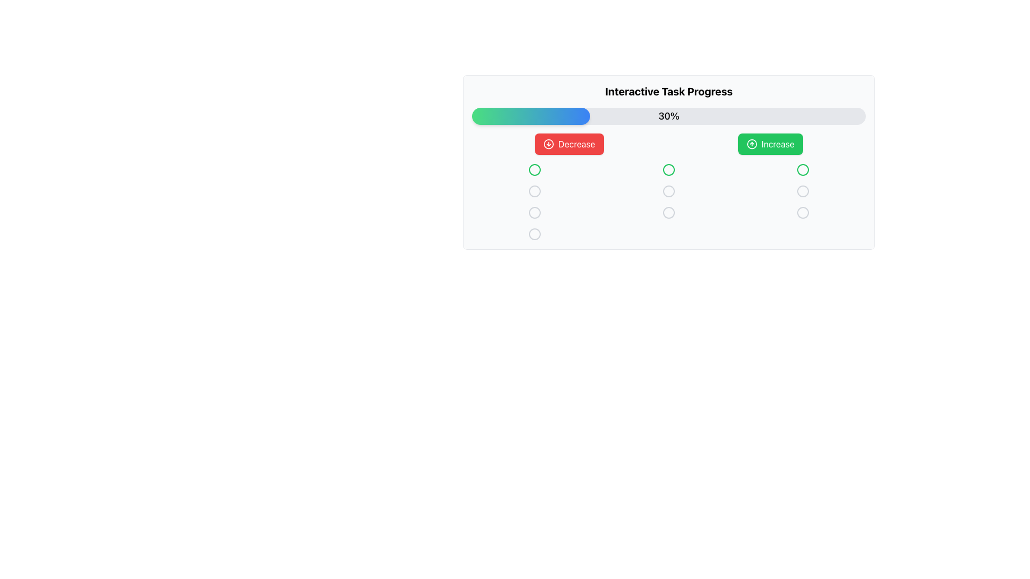 The image size is (1030, 579). What do you see at coordinates (535, 191) in the screenshot?
I see `the SVG circle element located in the second column and second row of the task progress interactive display` at bounding box center [535, 191].